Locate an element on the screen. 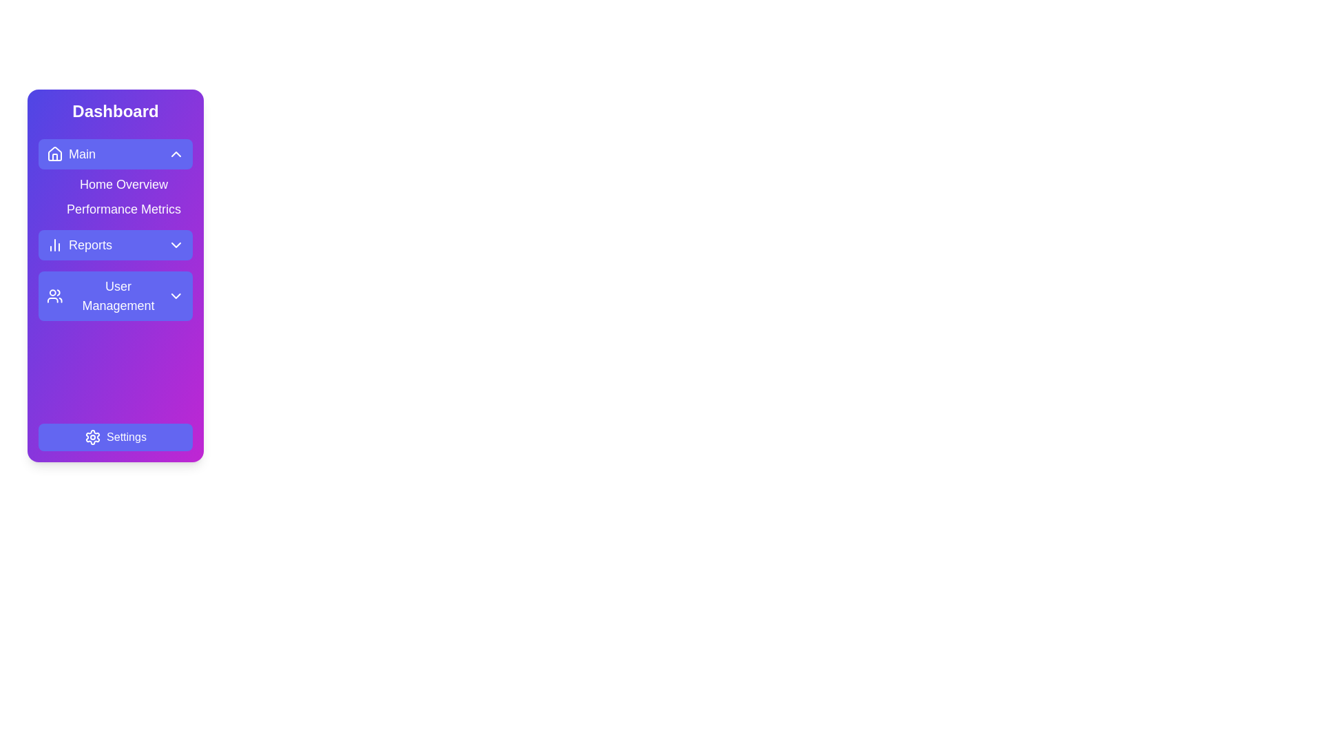  the 'Home Overview' button, which is a horizontal blue button with white text located on the sidebar with a purple background, to change its appearance is located at coordinates (124, 183).